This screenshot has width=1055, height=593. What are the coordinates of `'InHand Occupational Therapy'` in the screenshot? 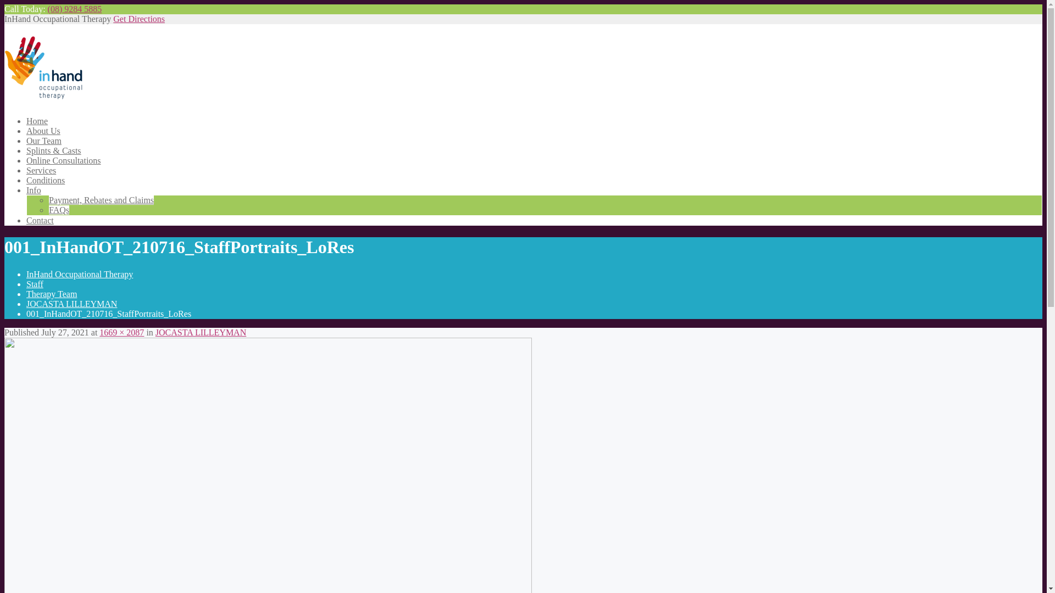 It's located at (26, 273).